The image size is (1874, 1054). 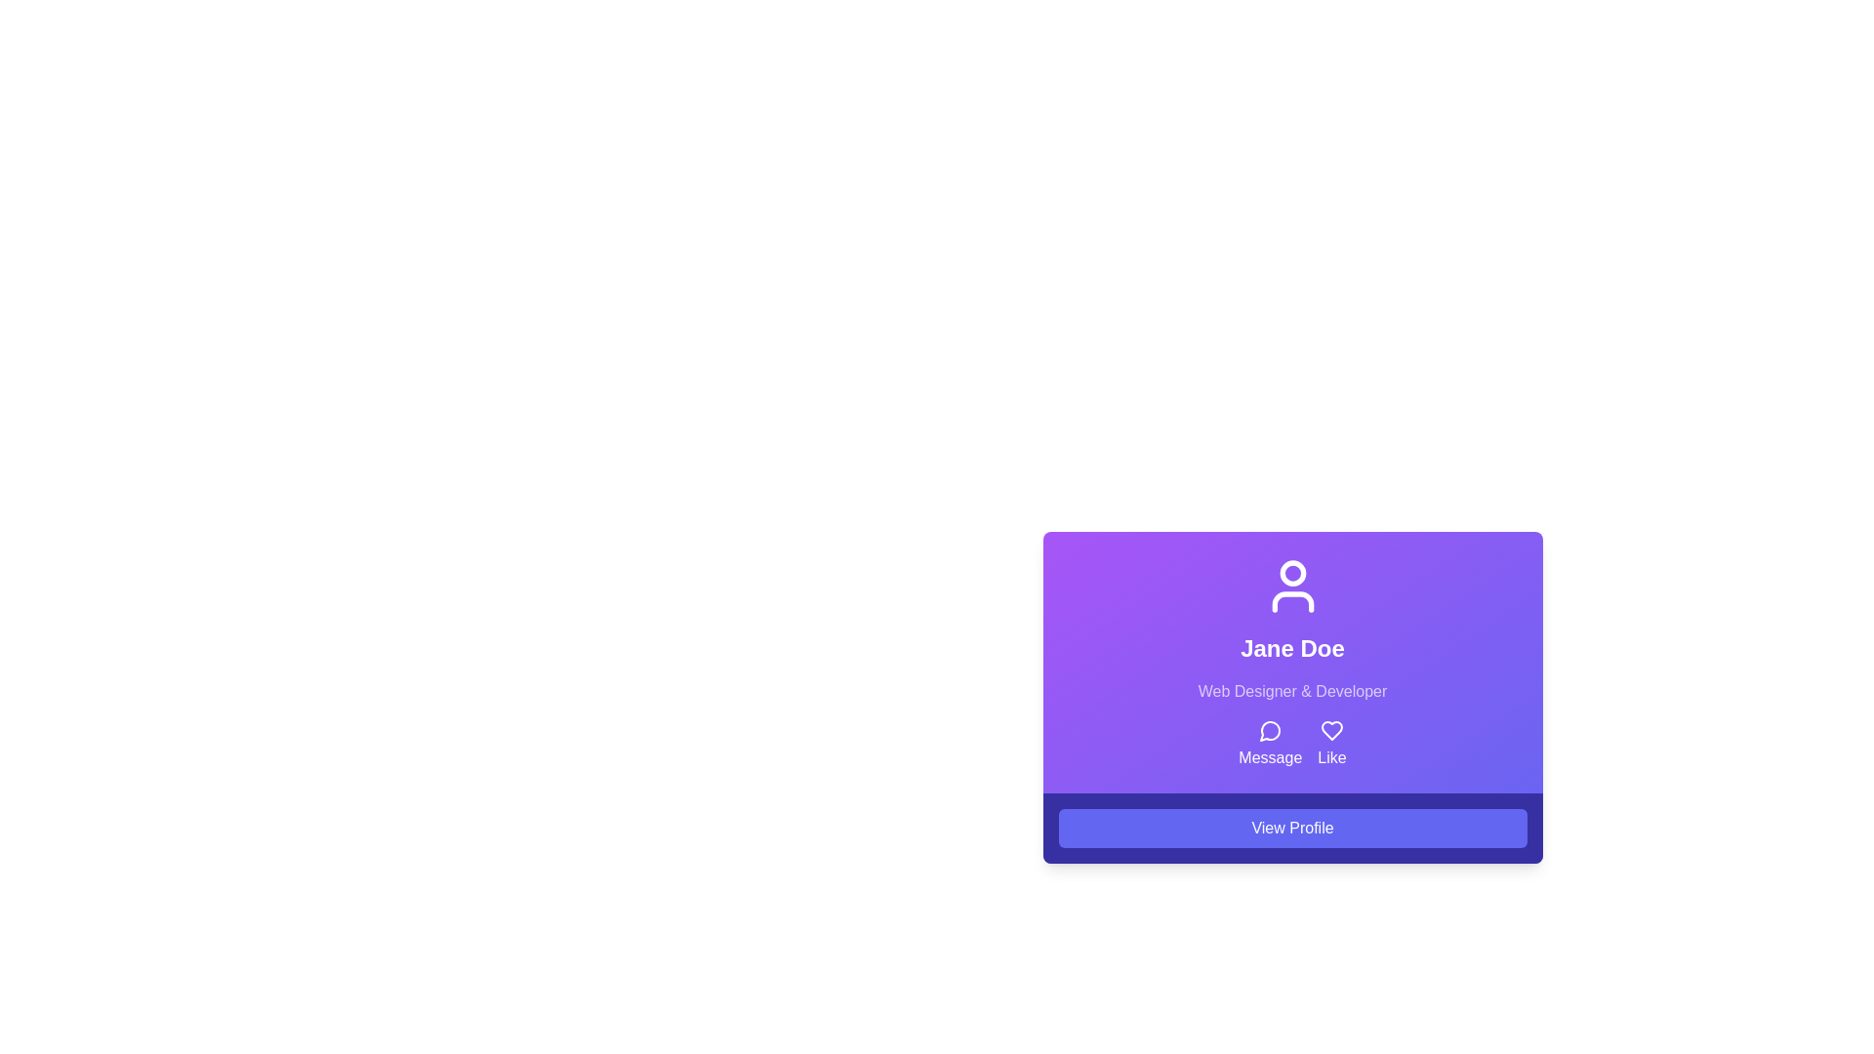 I want to click on the 'Message' button located in the interactive group at the bottom of the purple card layout, directly below 'Web Designer & Developer' and above 'View Profile.', so click(x=1292, y=745).